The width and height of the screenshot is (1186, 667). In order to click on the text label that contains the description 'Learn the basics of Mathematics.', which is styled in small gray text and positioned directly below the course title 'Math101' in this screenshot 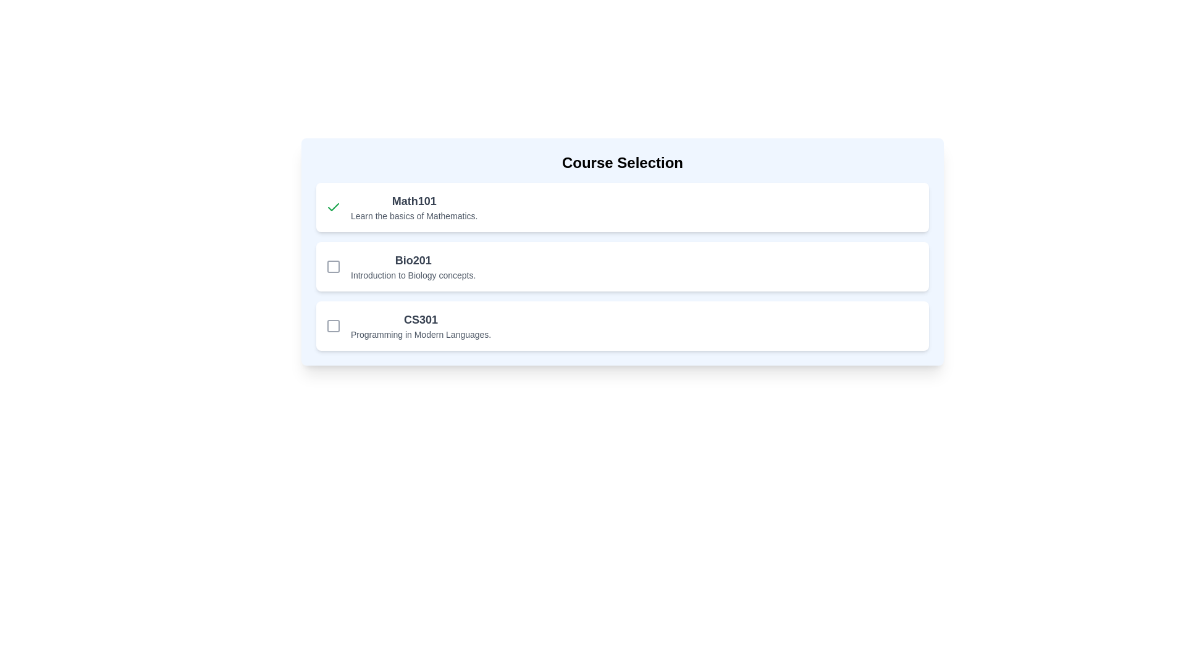, I will do `click(414, 216)`.